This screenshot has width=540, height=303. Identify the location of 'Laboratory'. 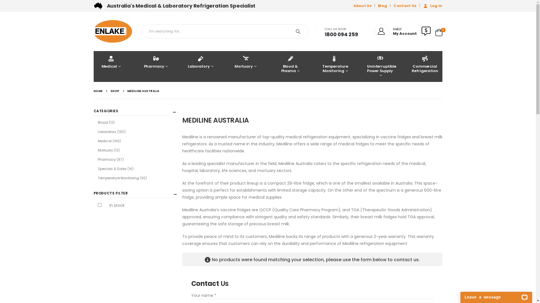
(201, 66).